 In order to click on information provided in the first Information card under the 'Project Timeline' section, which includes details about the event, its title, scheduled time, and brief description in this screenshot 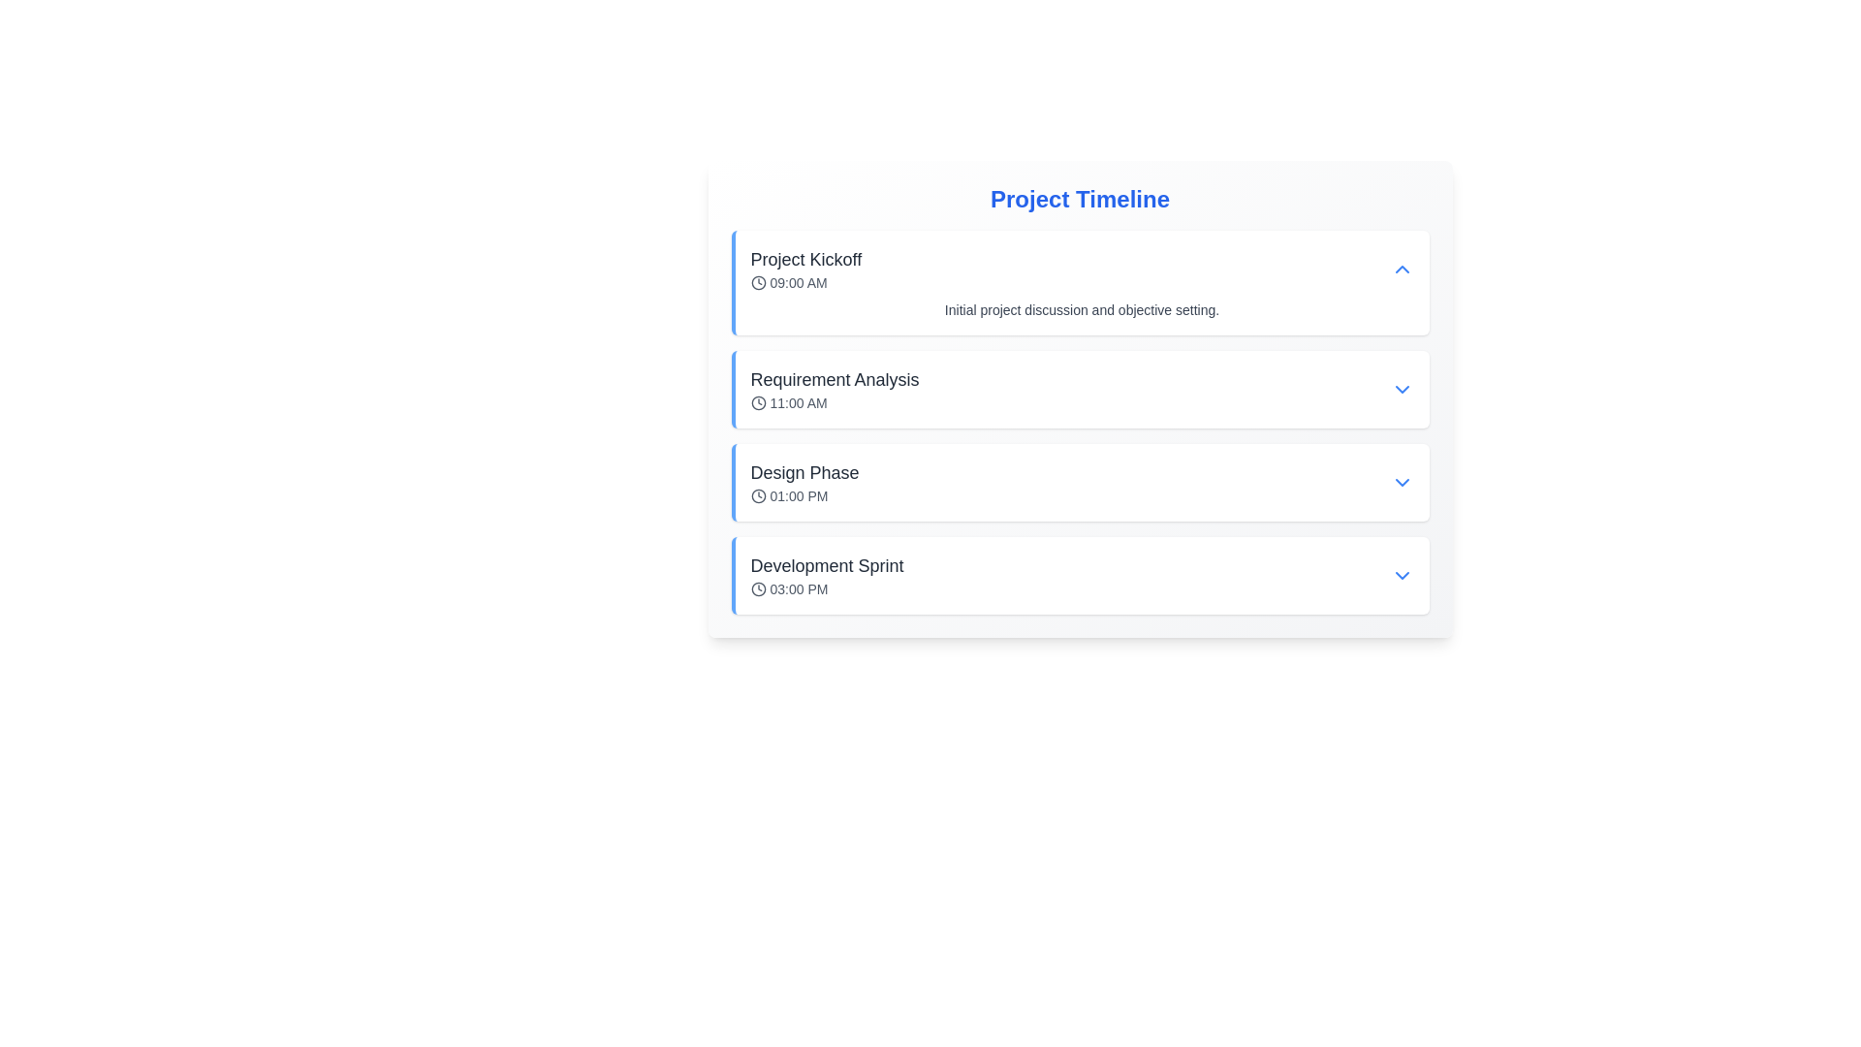, I will do `click(1079, 283)`.